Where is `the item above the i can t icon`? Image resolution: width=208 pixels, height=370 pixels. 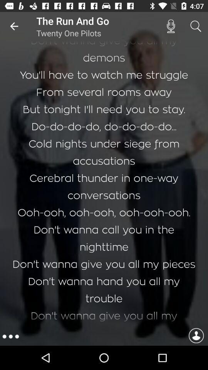
the item above the i can t icon is located at coordinates (14, 26).